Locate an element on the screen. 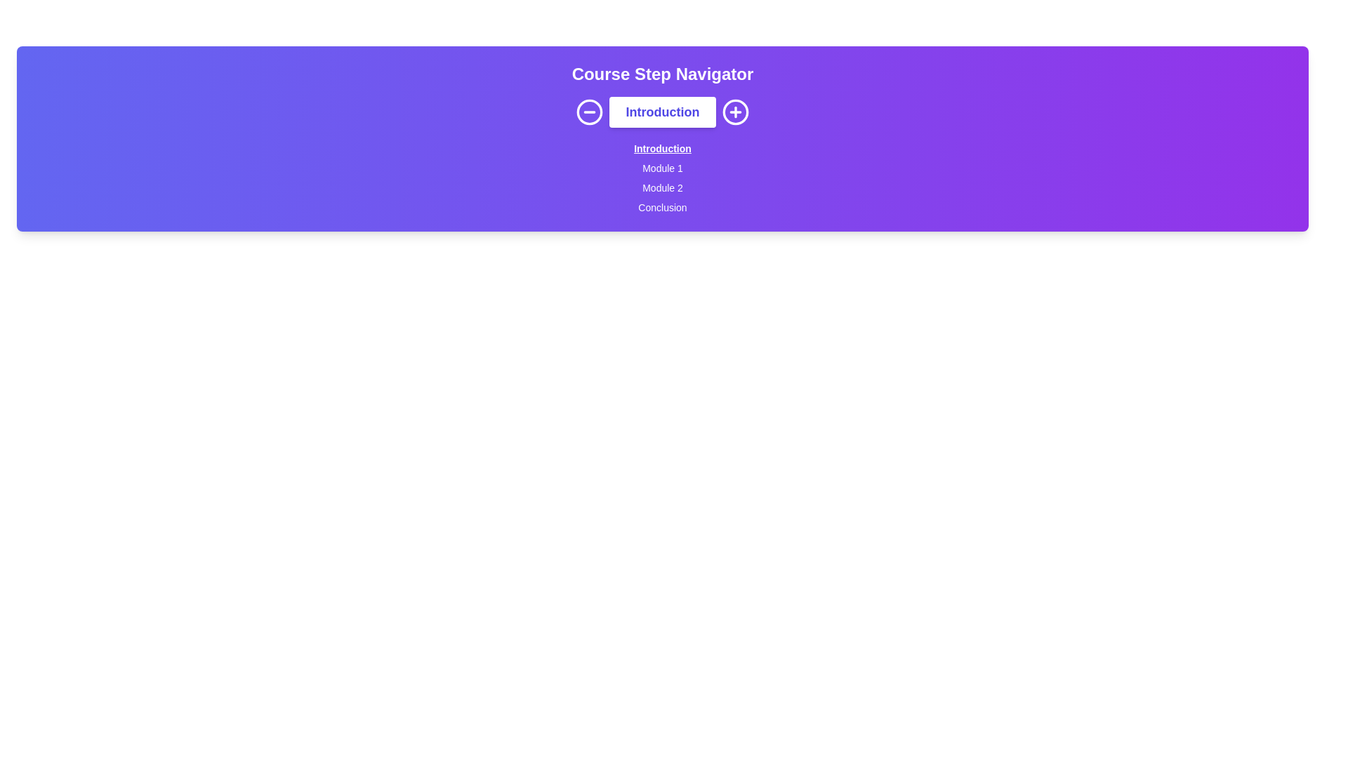  the circular purple button with a white minus symbol located in the top navigation bar to invoke its action is located at coordinates (589, 111).